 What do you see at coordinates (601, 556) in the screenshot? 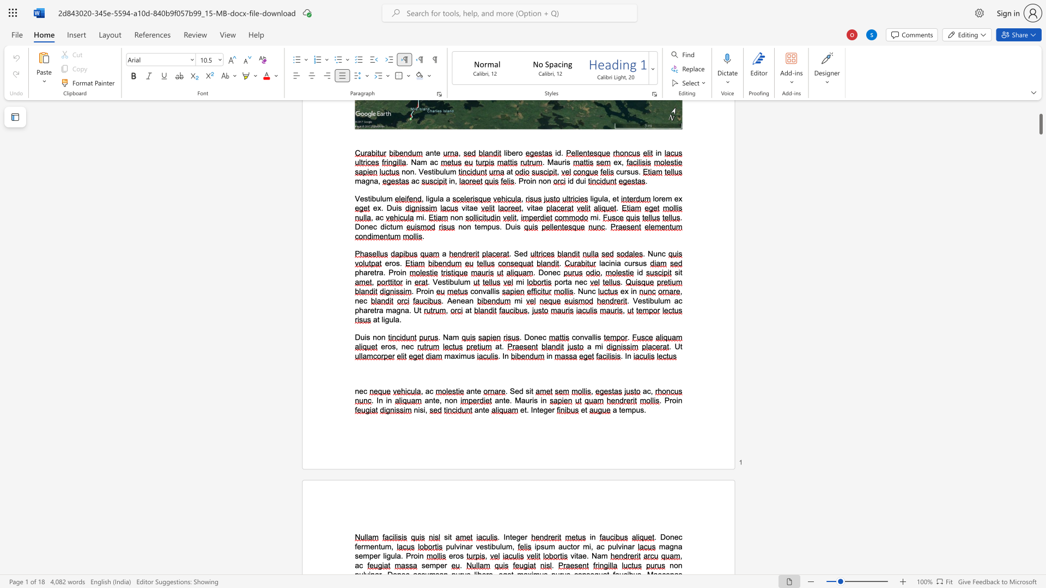
I see `the space between the continuous character "a" and "m" in the text` at bounding box center [601, 556].